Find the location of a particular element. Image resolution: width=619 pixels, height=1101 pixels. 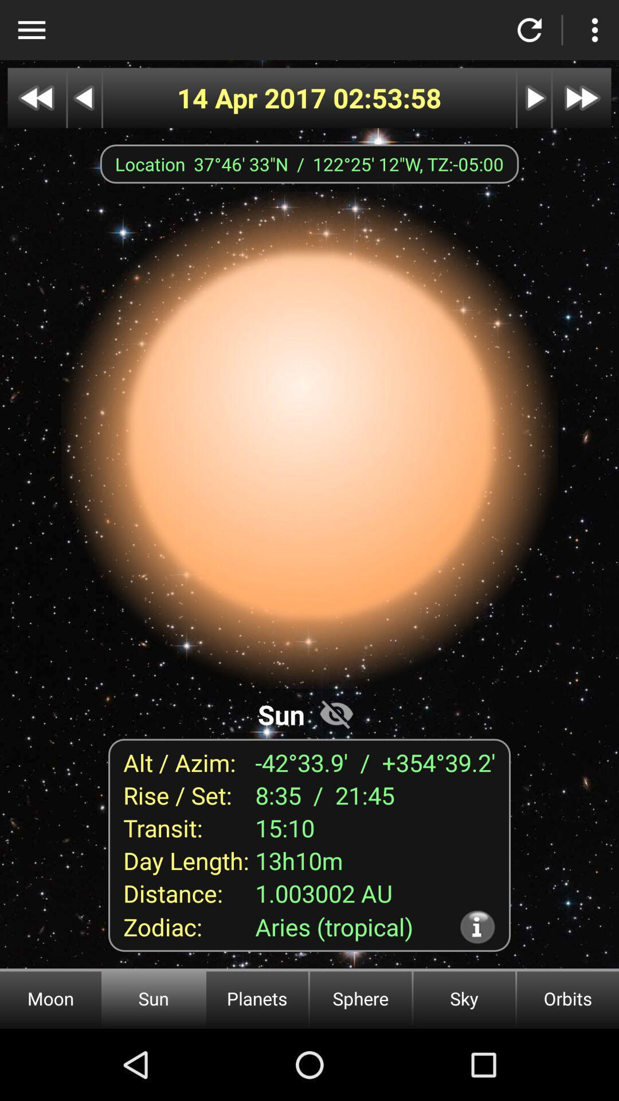

item to the right of the aries (tropical) app is located at coordinates (477, 927).